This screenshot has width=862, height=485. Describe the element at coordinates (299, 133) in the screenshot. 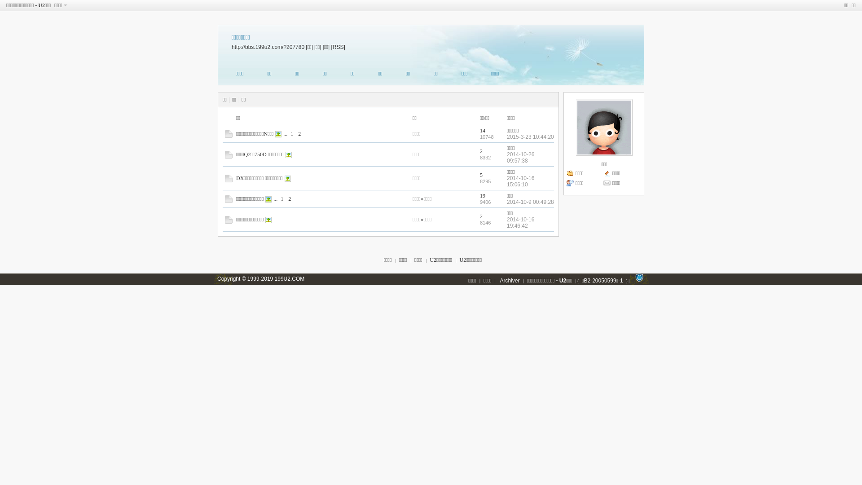

I see `'2'` at that location.